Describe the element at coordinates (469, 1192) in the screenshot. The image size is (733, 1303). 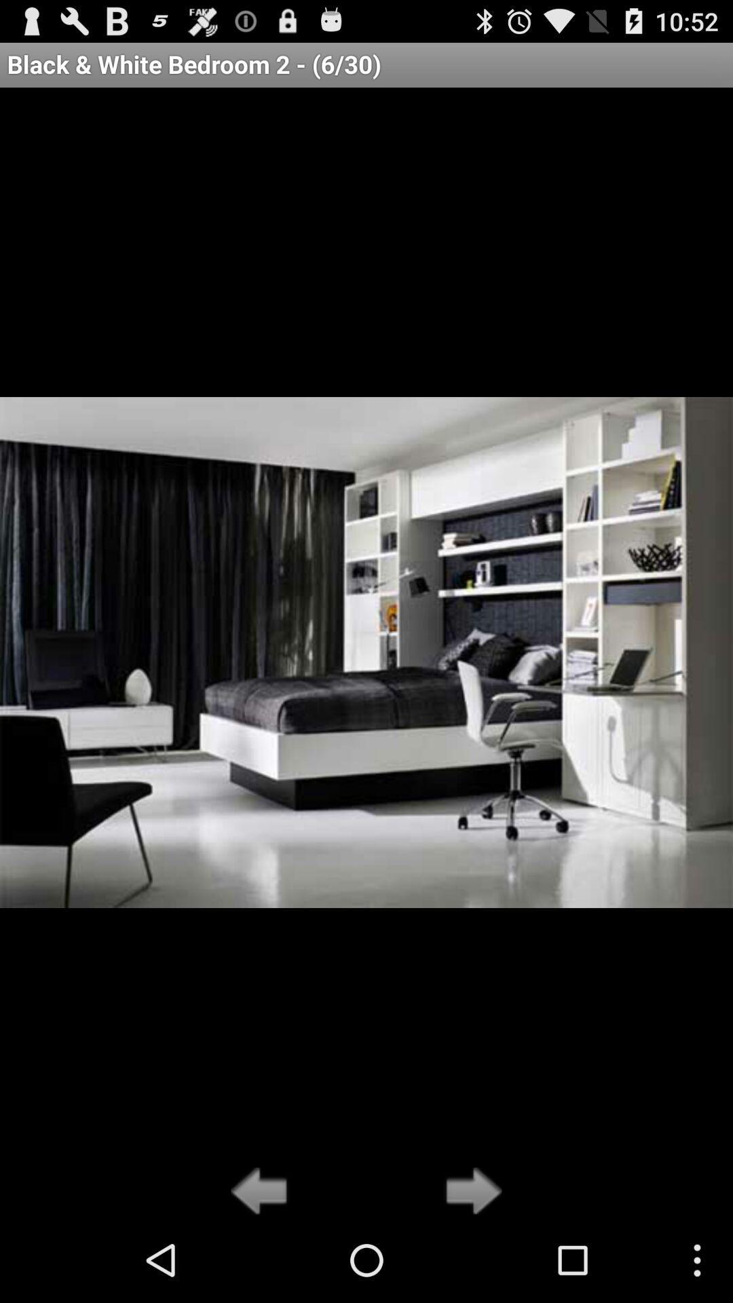
I see `next image` at that location.